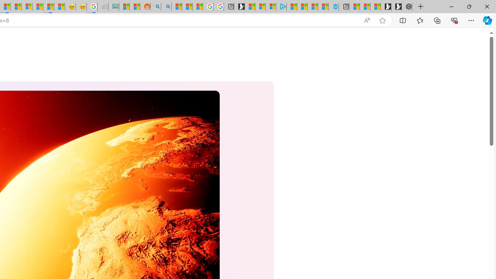  What do you see at coordinates (333, 7) in the screenshot?
I see `'Home | Sky Blue Bikes - Sky Blue Bikes'` at bounding box center [333, 7].